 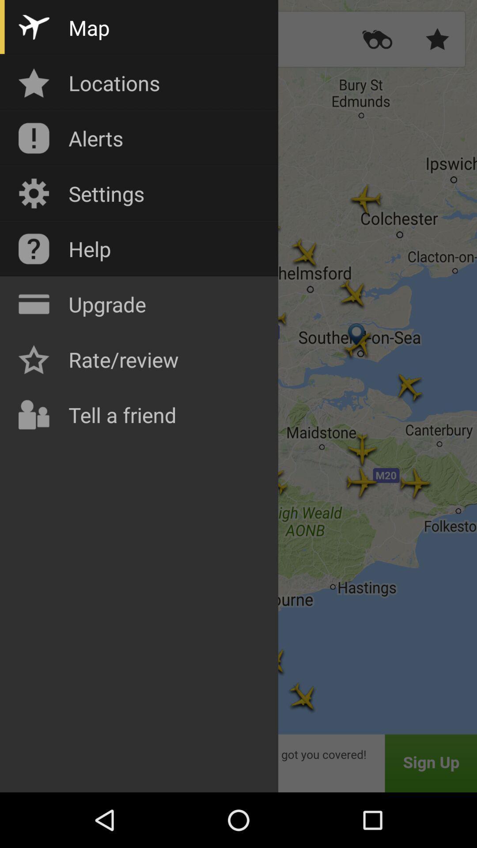 I want to click on the flight icon, so click(x=40, y=39).